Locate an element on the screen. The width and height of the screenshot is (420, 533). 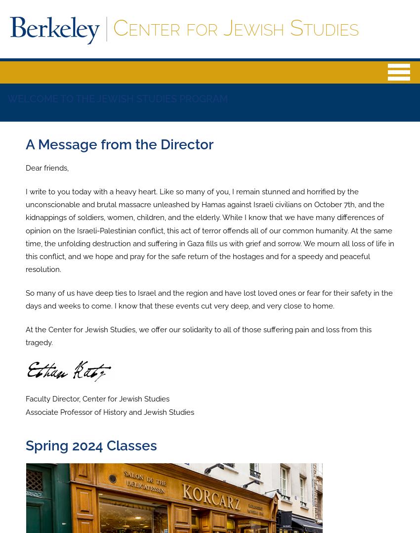
'A Message from the Director' is located at coordinates (119, 144).